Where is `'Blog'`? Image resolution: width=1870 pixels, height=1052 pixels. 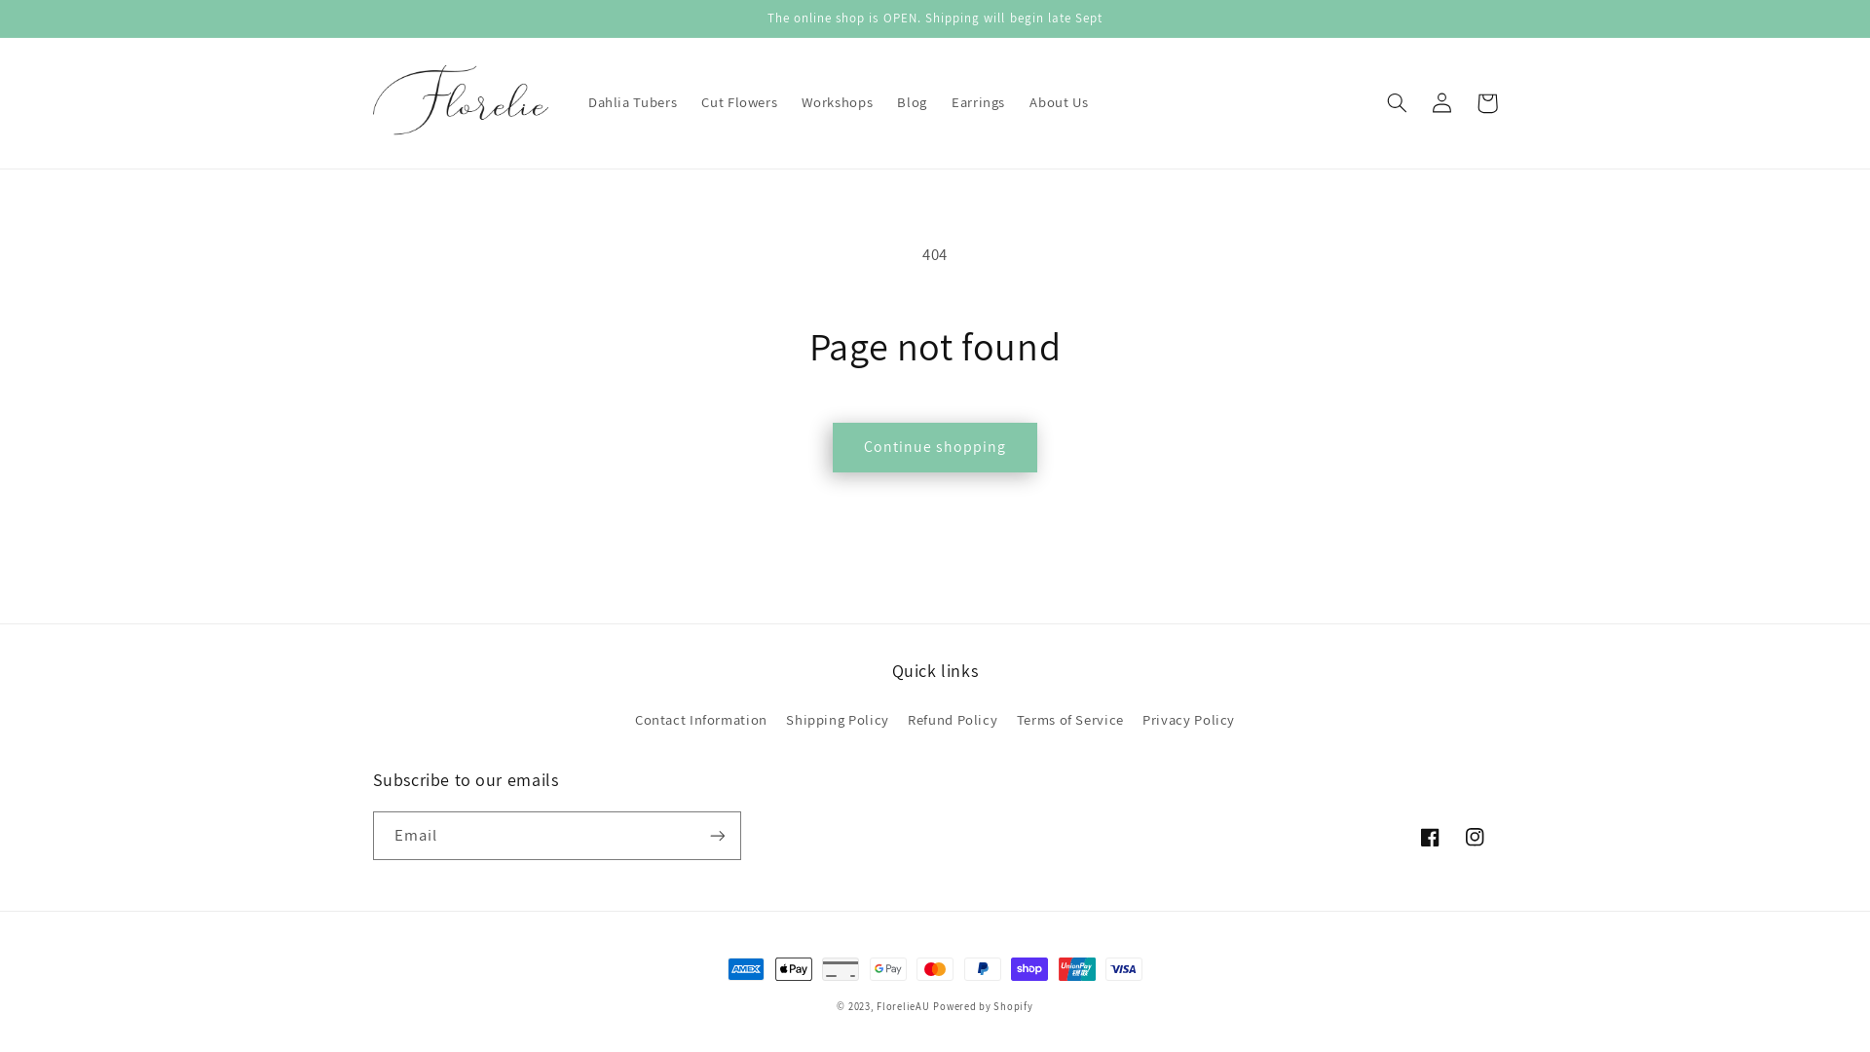 'Blog' is located at coordinates (911, 102).